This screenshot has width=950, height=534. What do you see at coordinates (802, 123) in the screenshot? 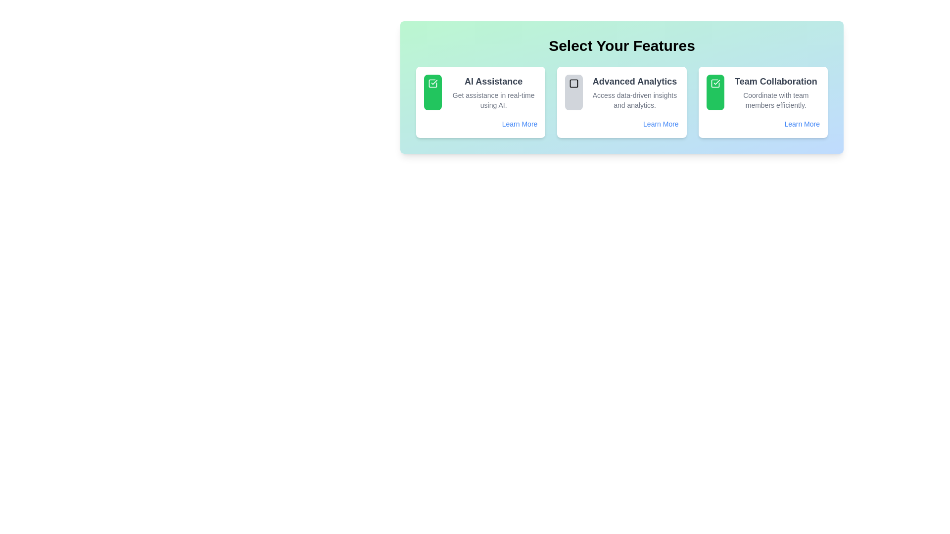
I see `the hyperlink located in the bottom region of the 'Team Collaboration' card within the 'Select Your Features' section` at bounding box center [802, 123].